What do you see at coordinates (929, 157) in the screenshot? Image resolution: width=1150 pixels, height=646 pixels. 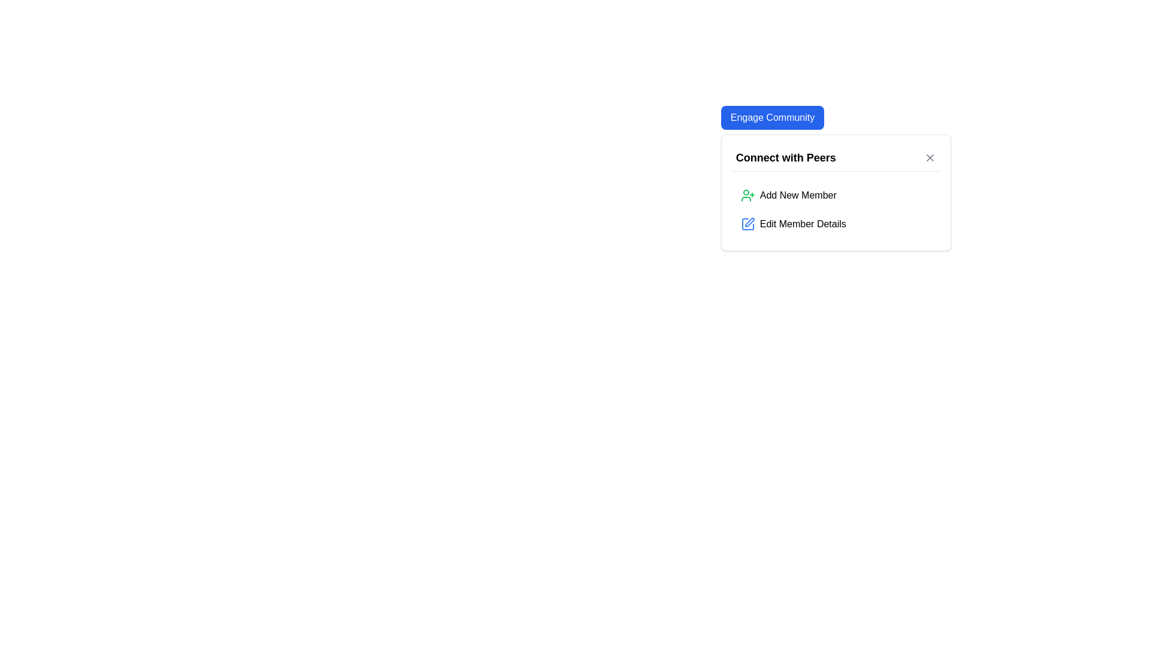 I see `the close button located at the top-right corner of the 'Connect with Peers' section` at bounding box center [929, 157].